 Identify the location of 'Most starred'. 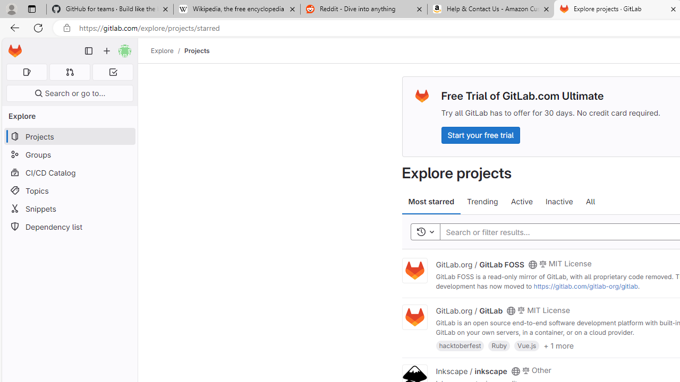
(431, 202).